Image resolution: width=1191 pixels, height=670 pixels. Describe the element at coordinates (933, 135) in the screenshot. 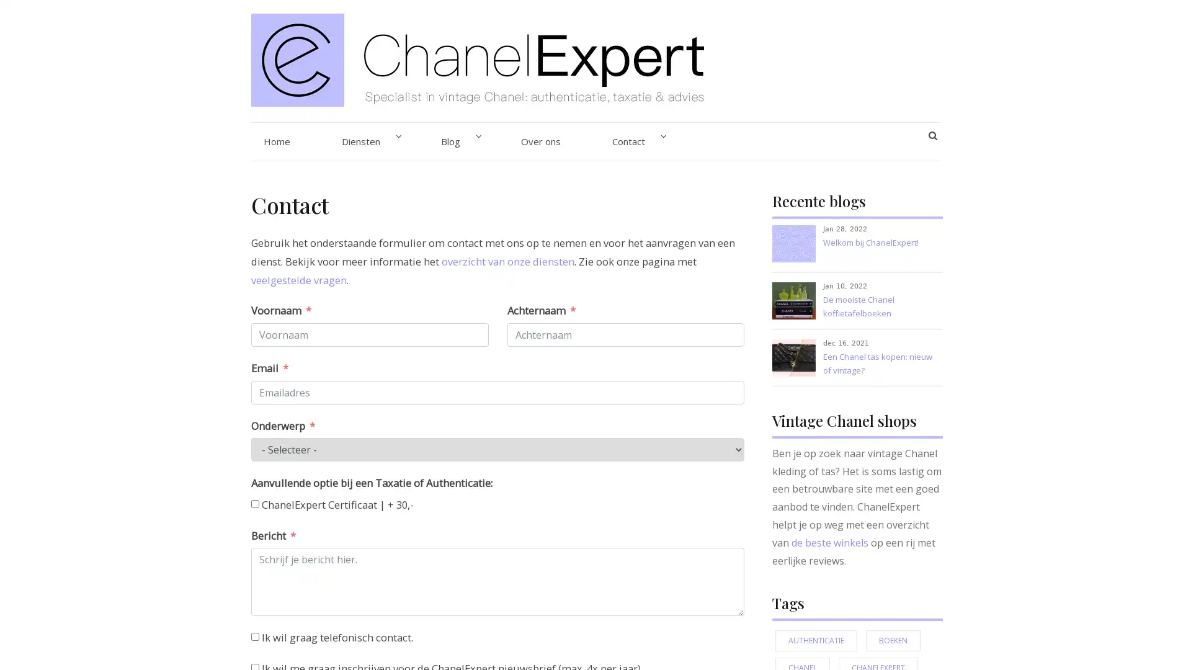

I see `SEARCH BUTTON` at that location.